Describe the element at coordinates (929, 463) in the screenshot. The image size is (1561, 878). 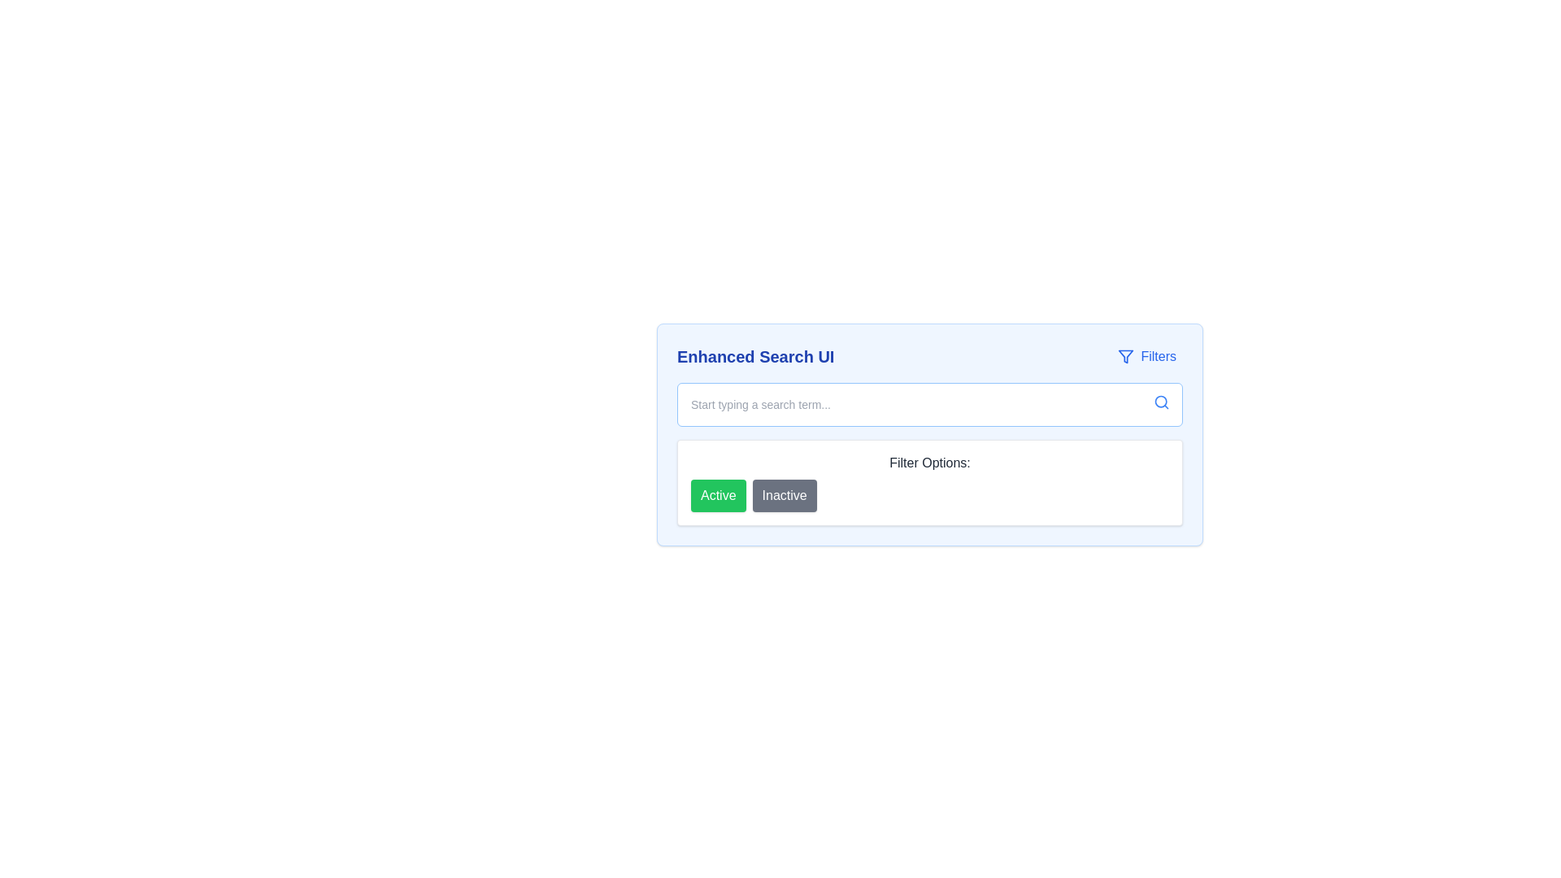
I see `the text label that serves as a heading for the filter options section, which is centrally aligned above the 'Active' and 'Inactive' buttons` at that location.